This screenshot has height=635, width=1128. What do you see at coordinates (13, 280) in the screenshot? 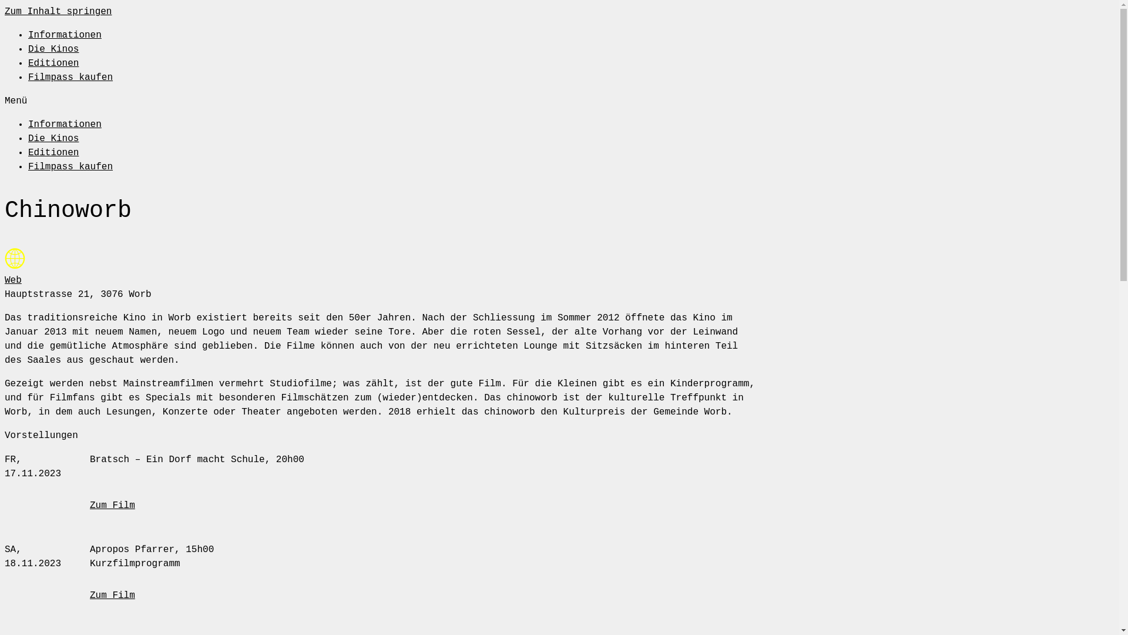
I see `'Web'` at bounding box center [13, 280].